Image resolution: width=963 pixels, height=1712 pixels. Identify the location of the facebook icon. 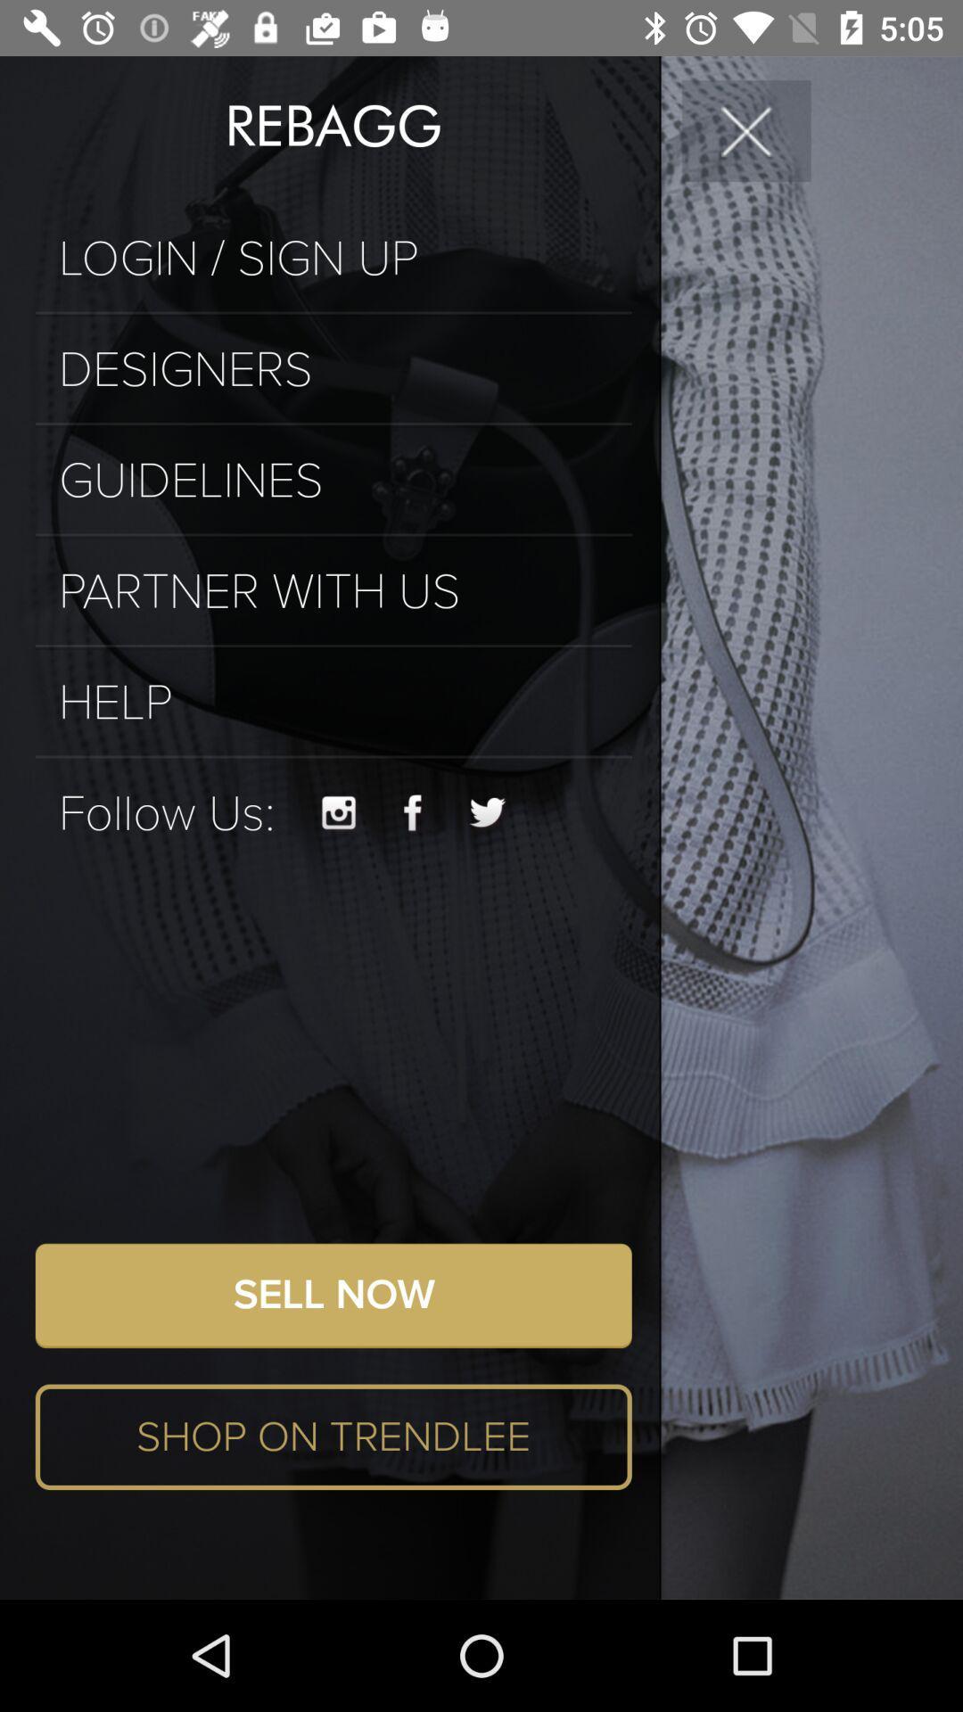
(413, 812).